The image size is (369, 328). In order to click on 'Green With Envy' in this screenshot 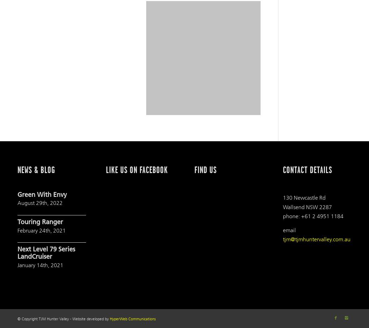, I will do `click(17, 195)`.